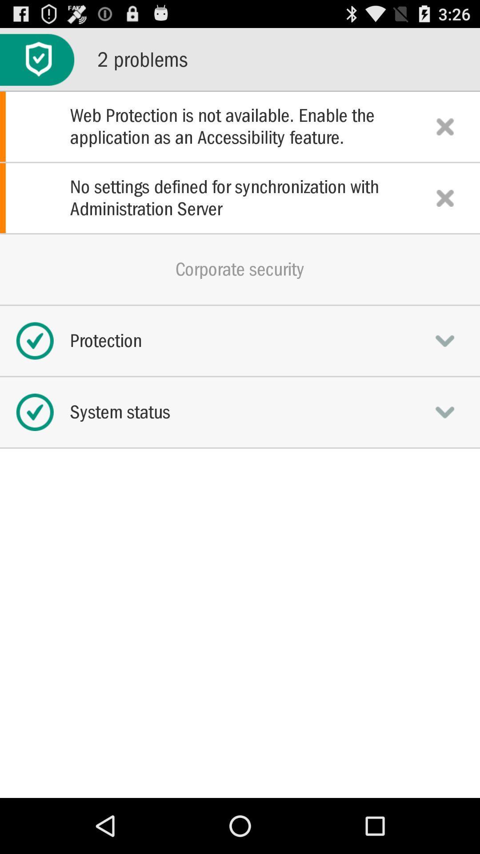 This screenshot has width=480, height=854. What do you see at coordinates (36, 59) in the screenshot?
I see `scan for virus` at bounding box center [36, 59].